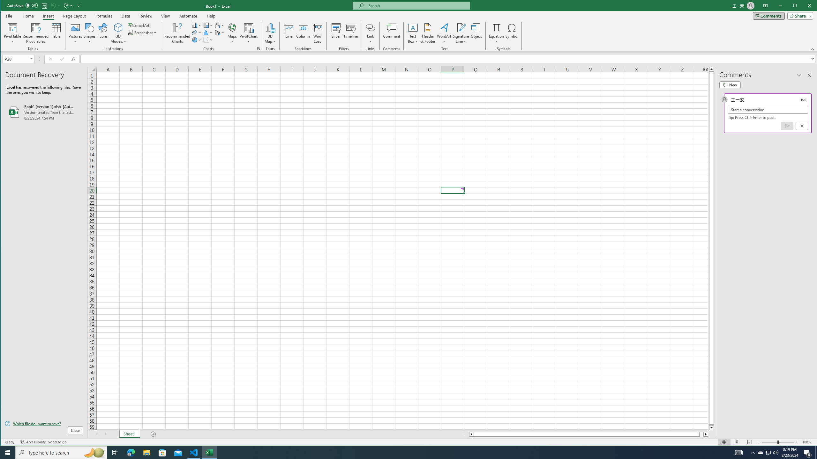 Image resolution: width=817 pixels, height=459 pixels. What do you see at coordinates (56, 33) in the screenshot?
I see `'Table'` at bounding box center [56, 33].